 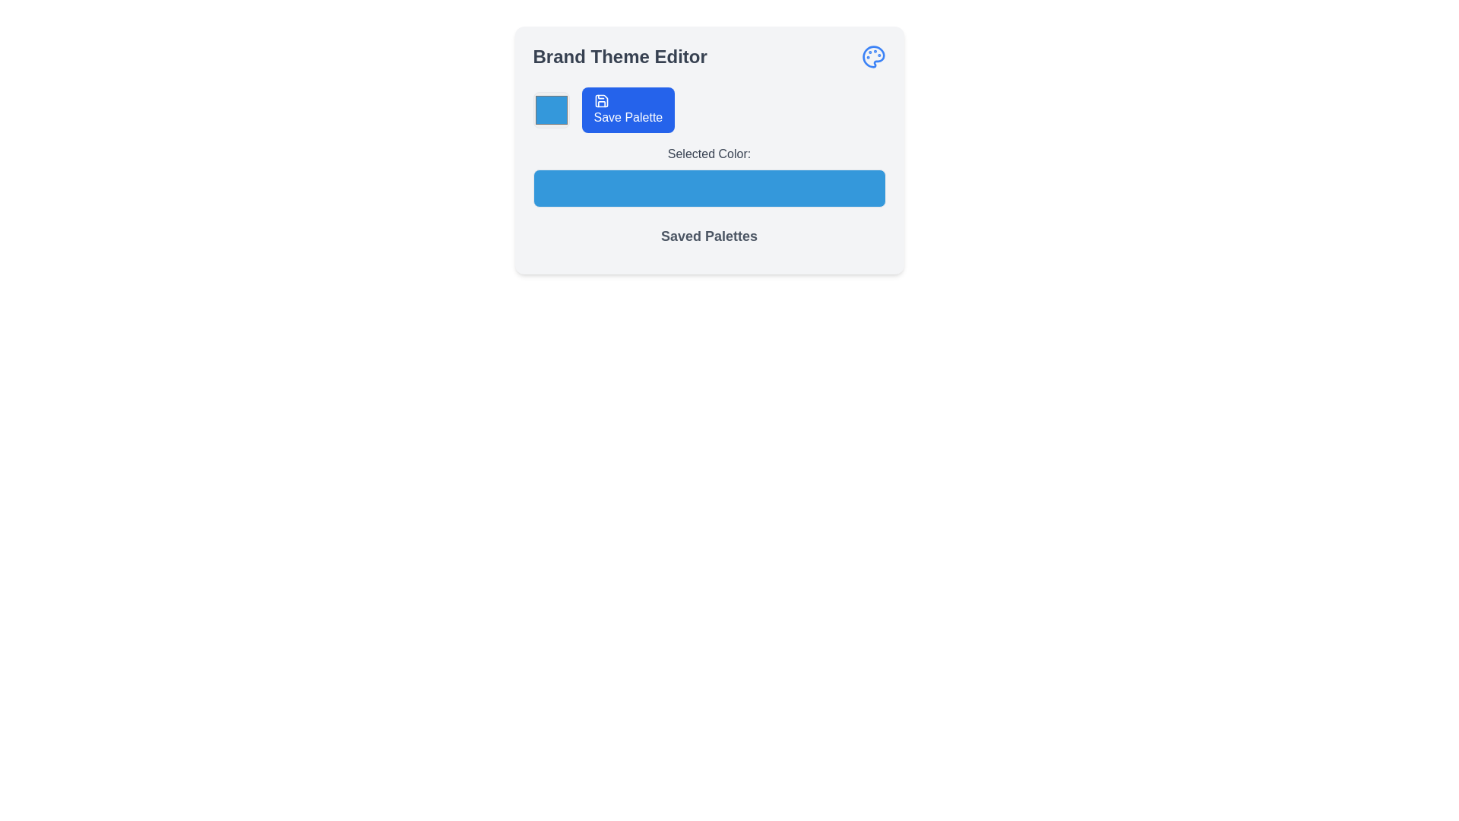 What do you see at coordinates (873, 55) in the screenshot?
I see `the icon representing the color palette in the header section of the 'Brand Theme Editor' panel` at bounding box center [873, 55].